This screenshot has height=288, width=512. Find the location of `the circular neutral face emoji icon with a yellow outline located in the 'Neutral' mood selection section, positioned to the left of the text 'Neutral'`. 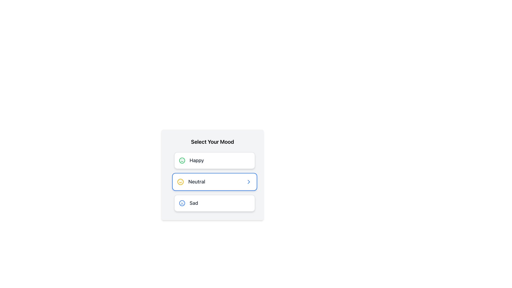

the circular neutral face emoji icon with a yellow outline located in the 'Neutral' mood selection section, positioned to the left of the text 'Neutral' is located at coordinates (180, 182).